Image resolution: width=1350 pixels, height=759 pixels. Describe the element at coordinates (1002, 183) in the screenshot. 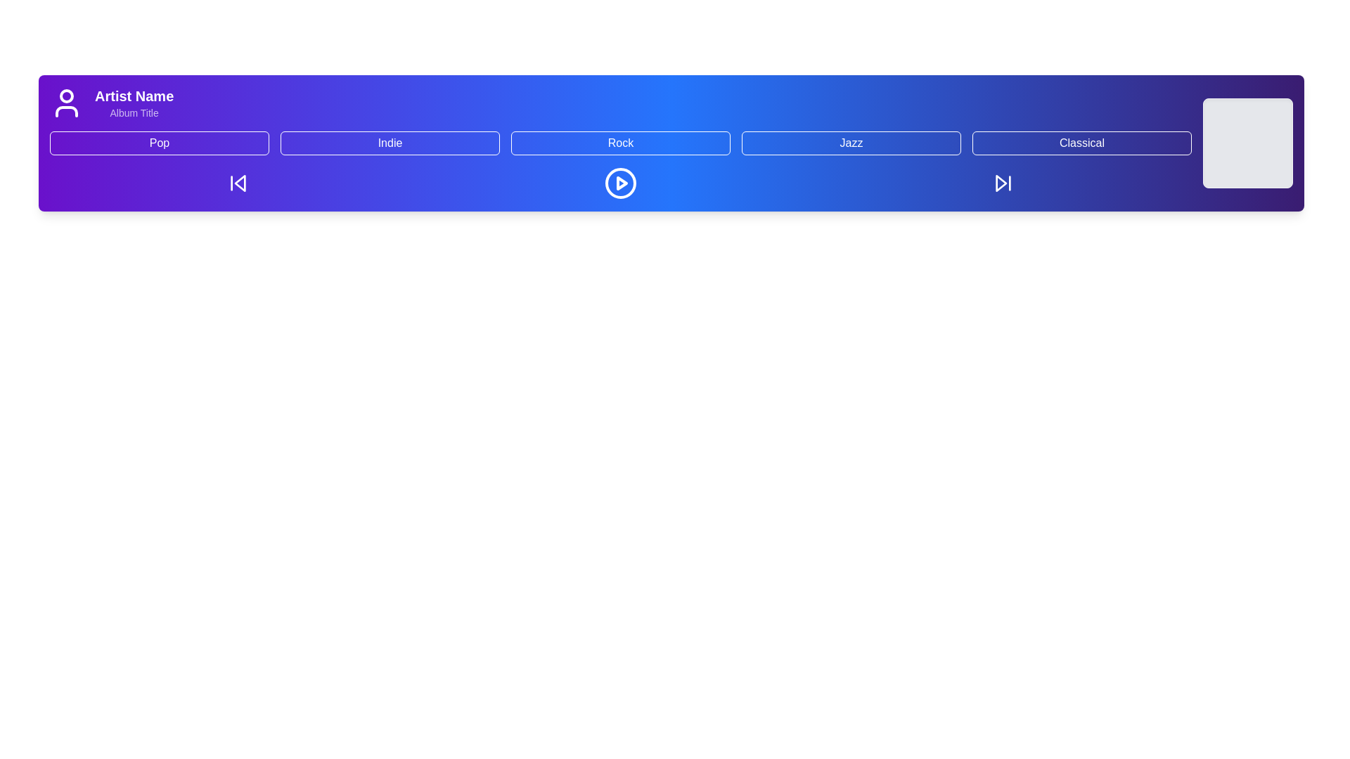

I see `the skip-forward button, which is the third interactive button from the left in the toolbar` at that location.